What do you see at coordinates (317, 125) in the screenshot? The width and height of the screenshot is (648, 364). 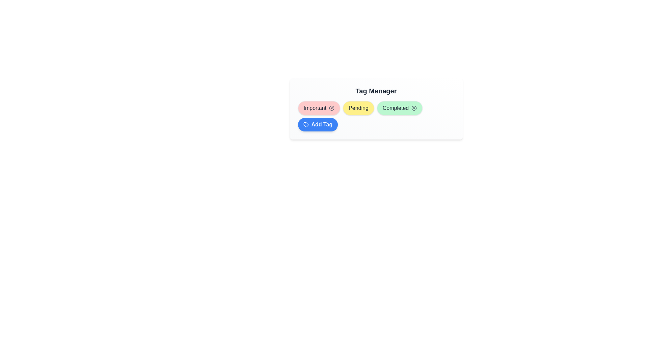 I see `the 'Add Tag' button to see the hover effect` at bounding box center [317, 125].